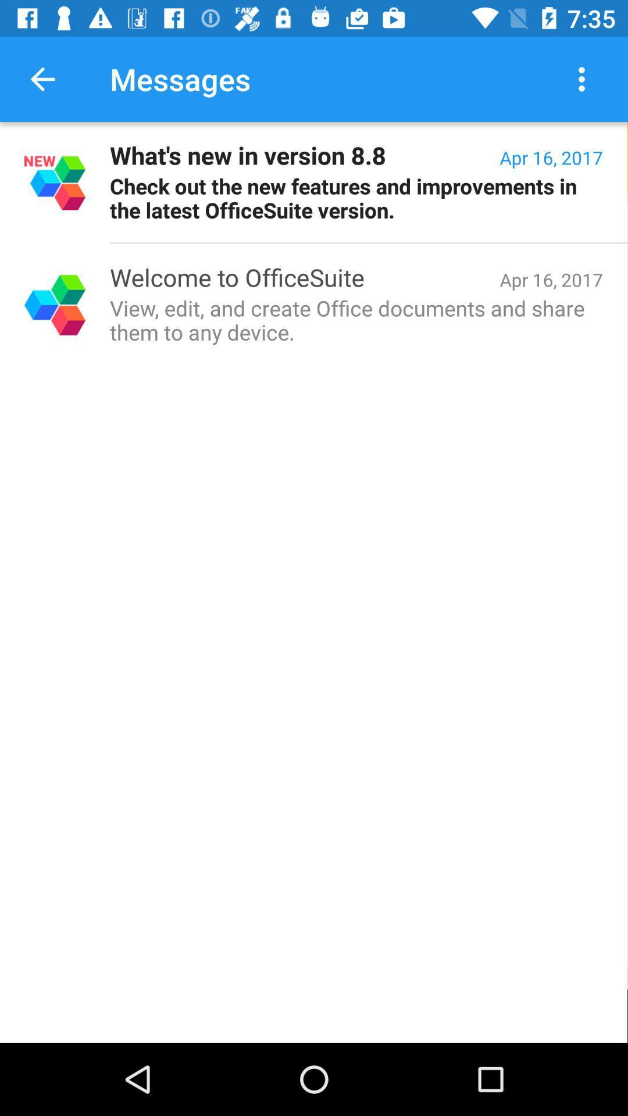 The height and width of the screenshot is (1116, 628). Describe the element at coordinates (584, 78) in the screenshot. I see `the item to the right of the messages app` at that location.